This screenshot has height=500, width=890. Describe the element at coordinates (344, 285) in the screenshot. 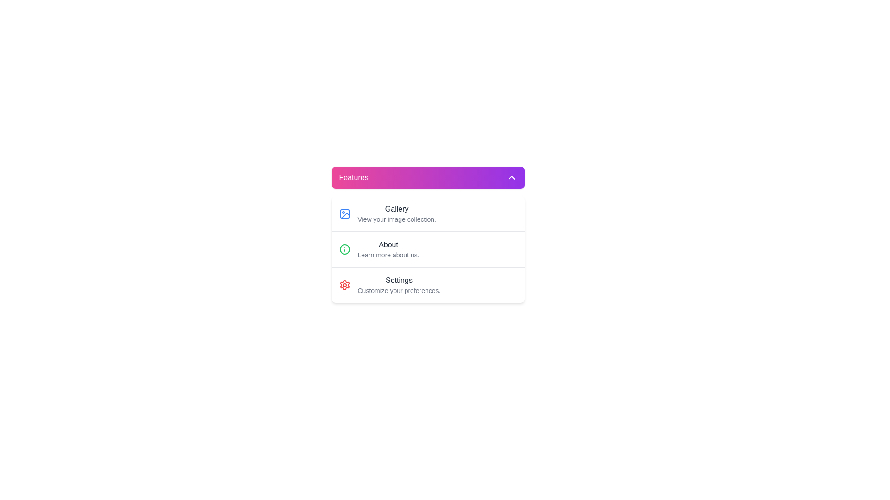

I see `the red gear icon styled as a settings symbol, which is the leftmost element in the 'Settings' menu item located within the dropdown menu labeled 'Features'` at that location.